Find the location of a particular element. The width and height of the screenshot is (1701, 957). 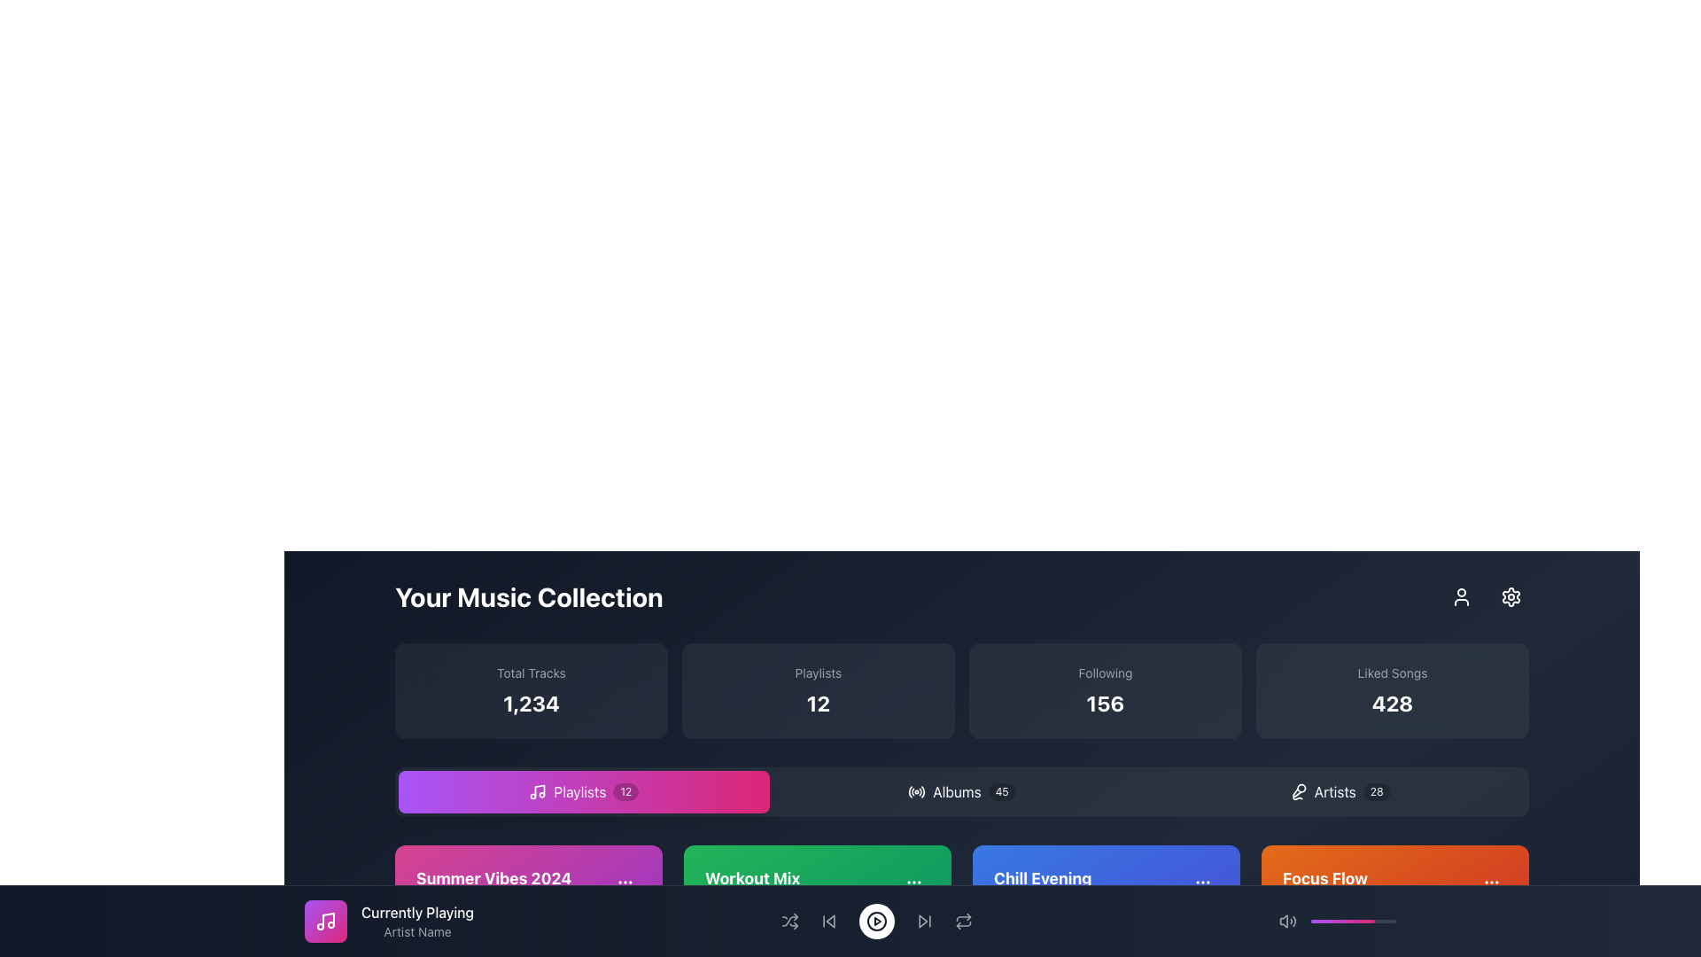

the Grouped Icons located in the top-right corner of the 'Your Music Collection' section is located at coordinates (1487, 597).